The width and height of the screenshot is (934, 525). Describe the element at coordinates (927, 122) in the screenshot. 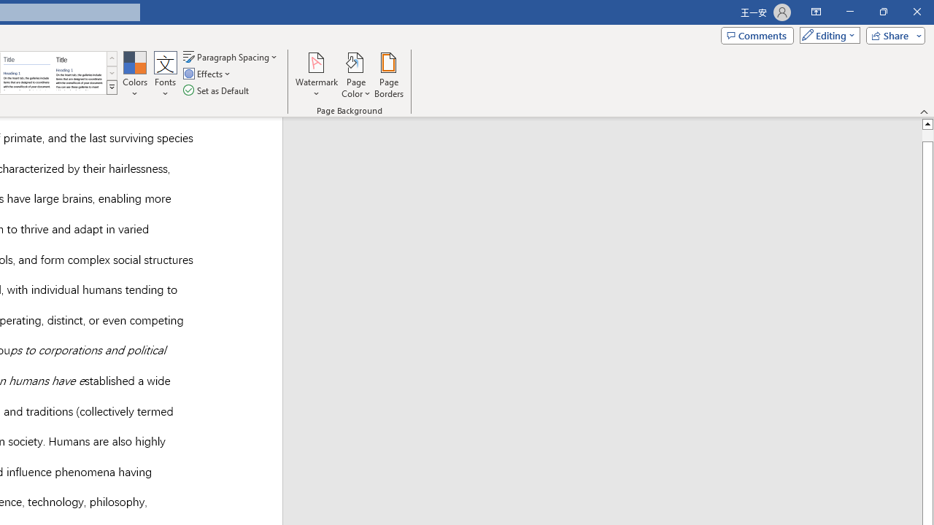

I see `'Line up'` at that location.